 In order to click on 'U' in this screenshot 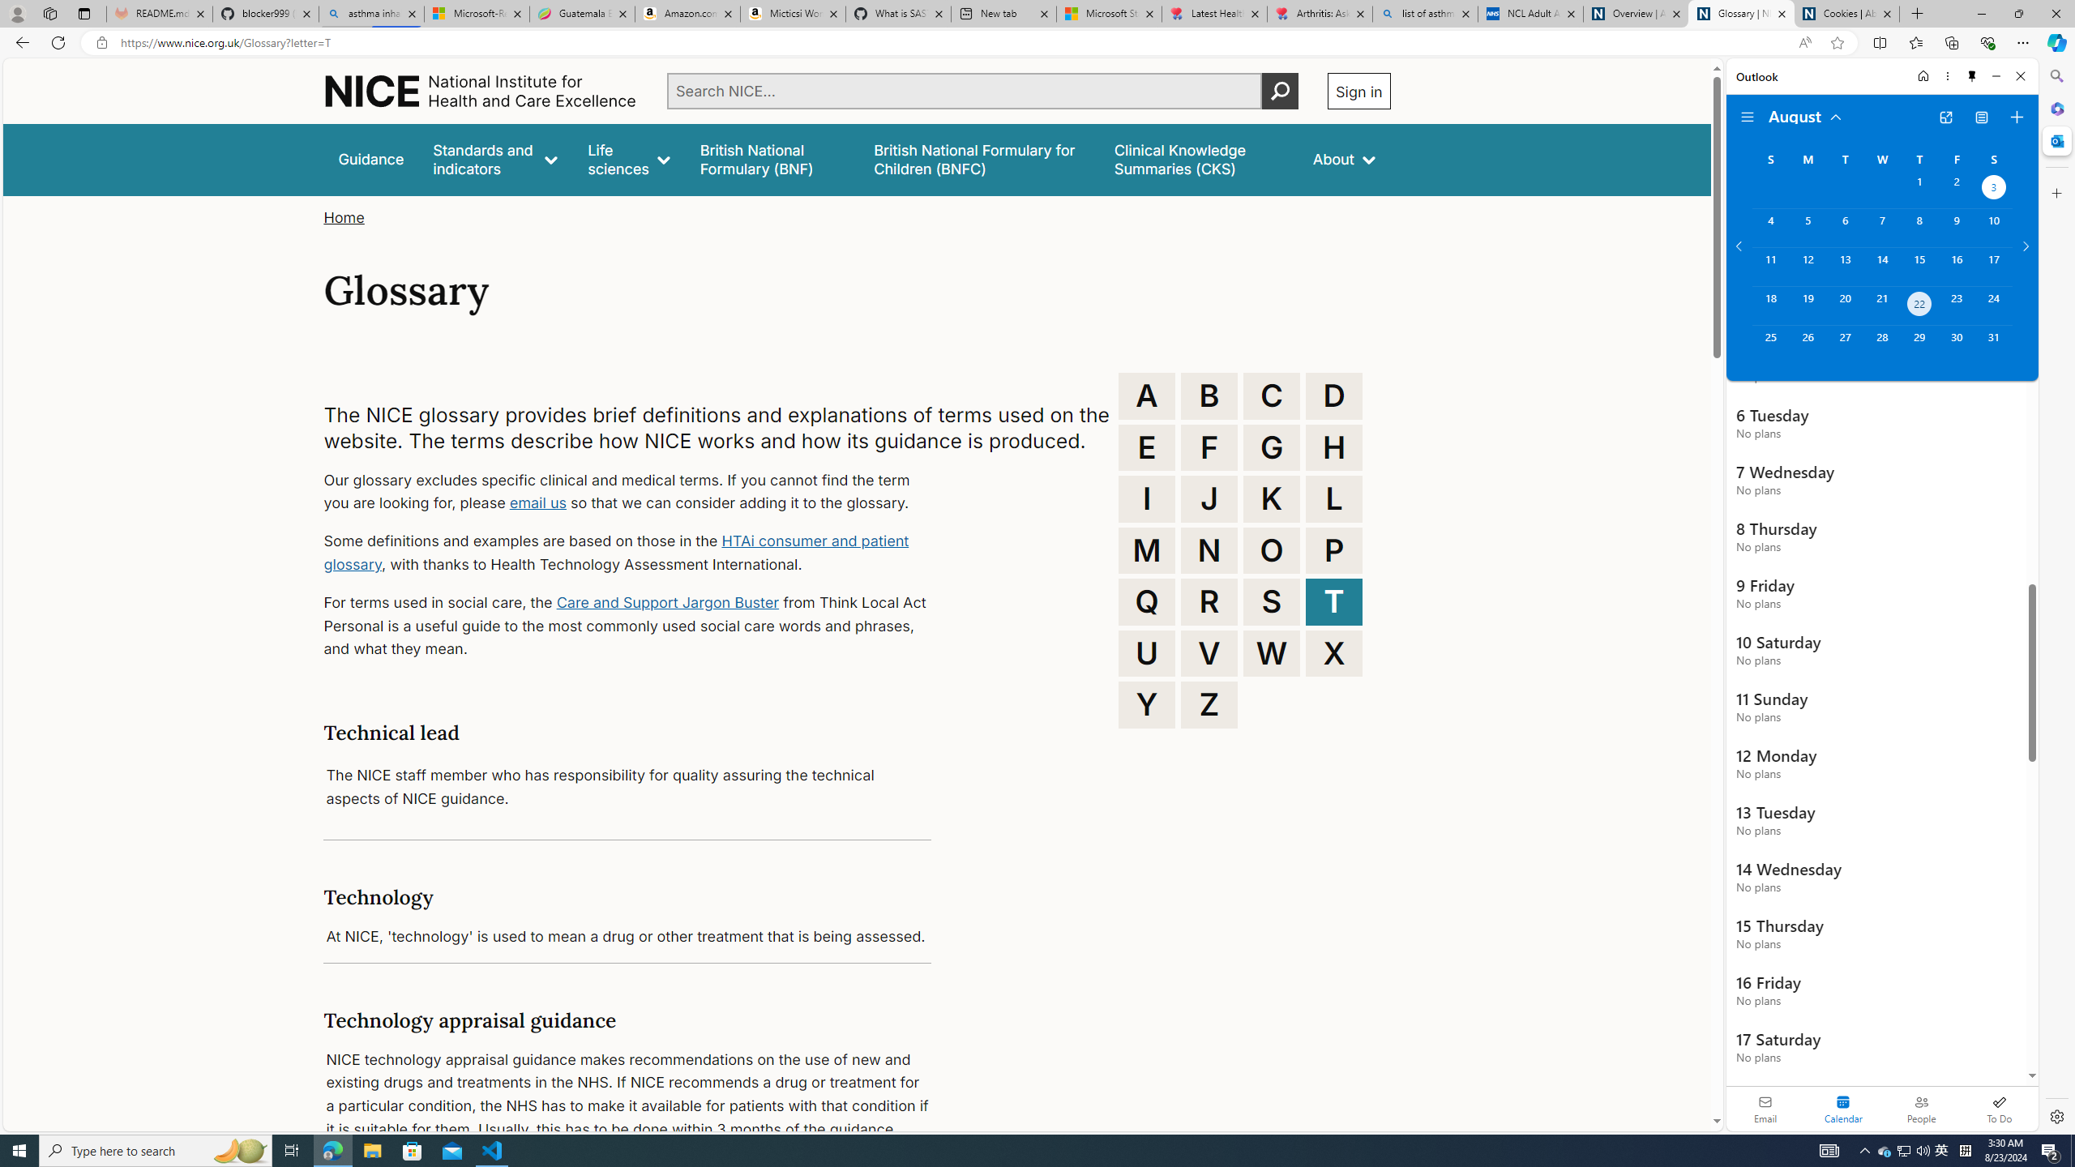, I will do `click(1146, 654)`.